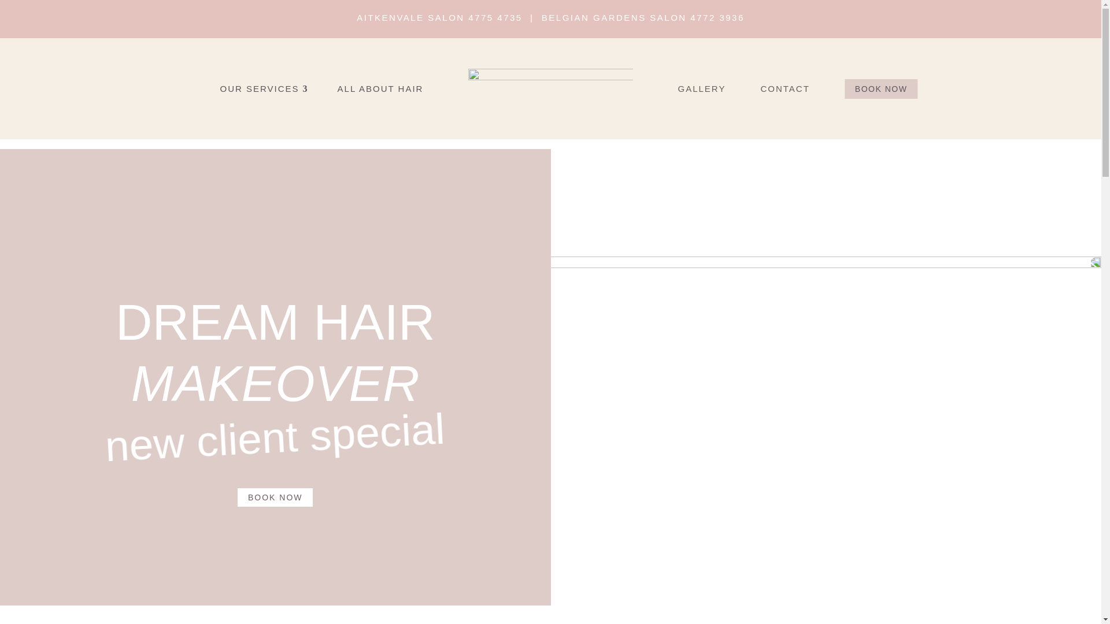 Image resolution: width=1110 pixels, height=624 pixels. What do you see at coordinates (550, 88) in the screenshot?
I see `'Emphasis Hair Studio_Inline Logo_Full Colour'` at bounding box center [550, 88].